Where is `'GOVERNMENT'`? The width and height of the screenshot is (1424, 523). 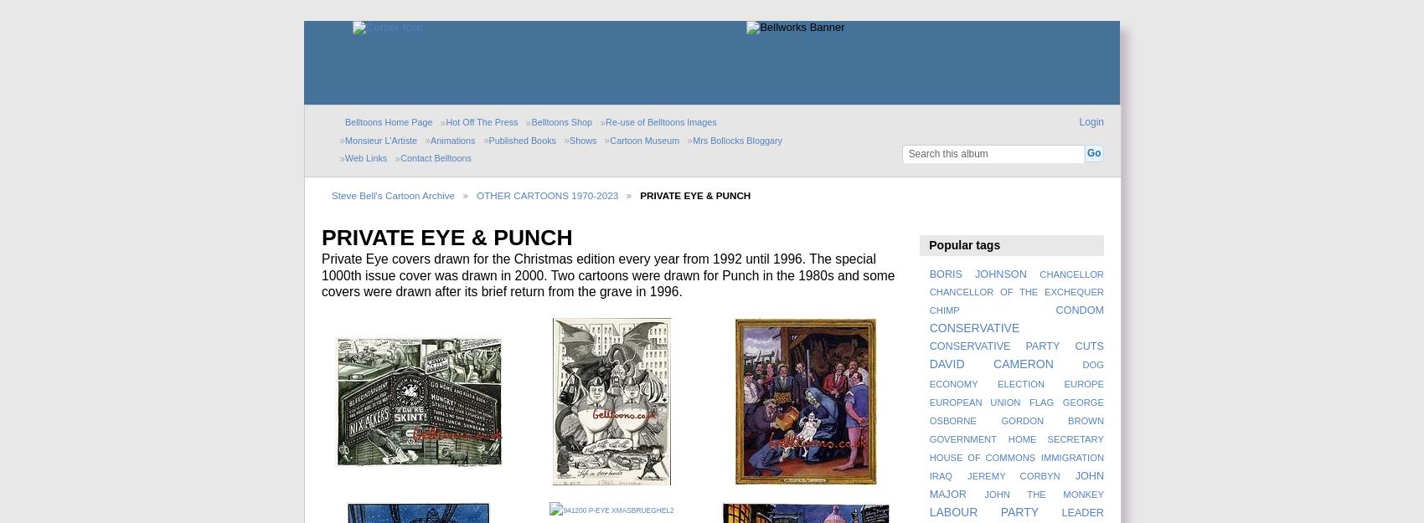
'GOVERNMENT' is located at coordinates (962, 438).